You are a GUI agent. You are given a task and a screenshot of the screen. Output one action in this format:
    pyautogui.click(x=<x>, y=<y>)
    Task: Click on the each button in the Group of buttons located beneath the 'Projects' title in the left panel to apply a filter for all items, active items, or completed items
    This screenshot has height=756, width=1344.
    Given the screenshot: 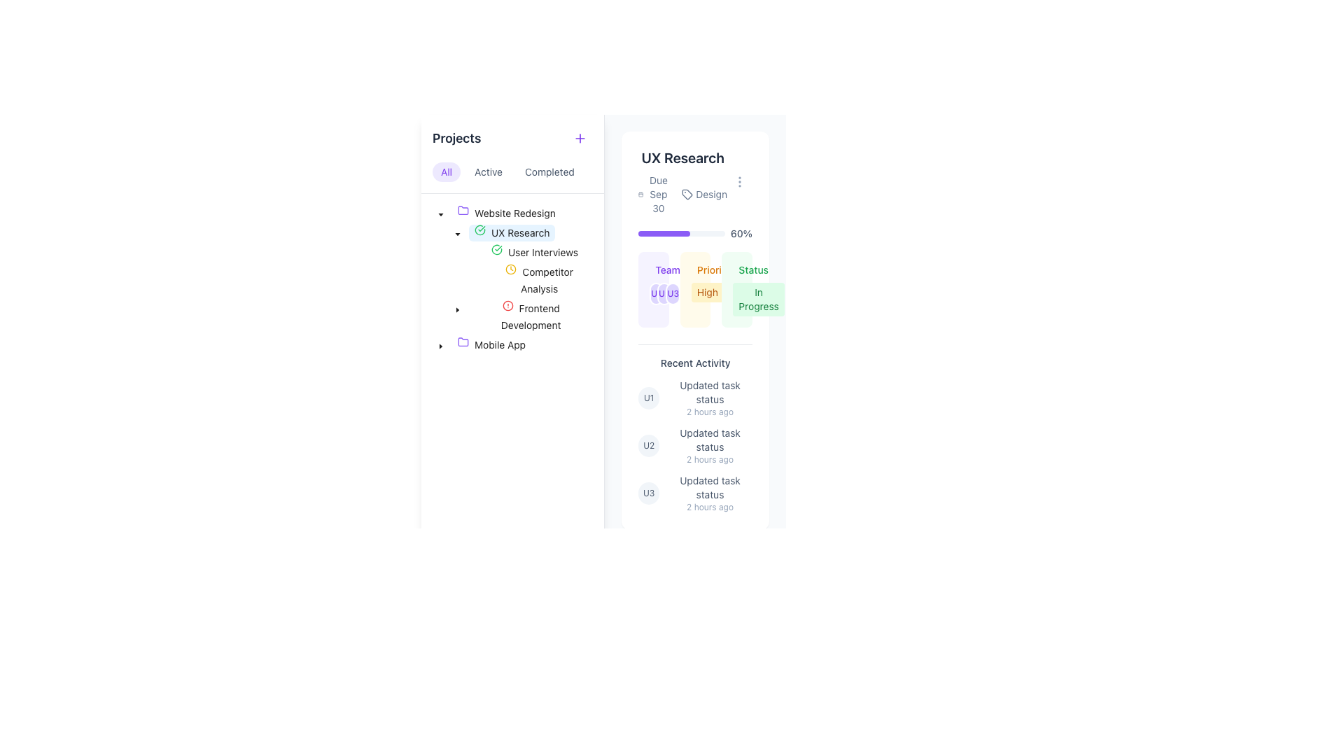 What is the action you would take?
    pyautogui.click(x=512, y=171)
    